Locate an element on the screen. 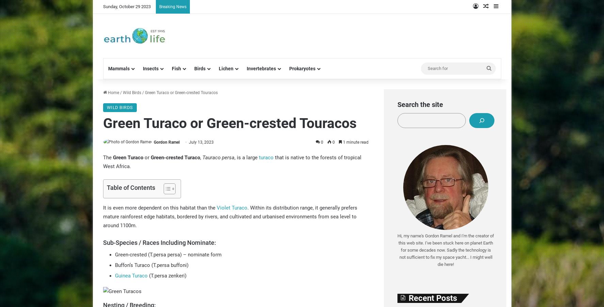 The image size is (604, 307). 'Home' is located at coordinates (112, 92).